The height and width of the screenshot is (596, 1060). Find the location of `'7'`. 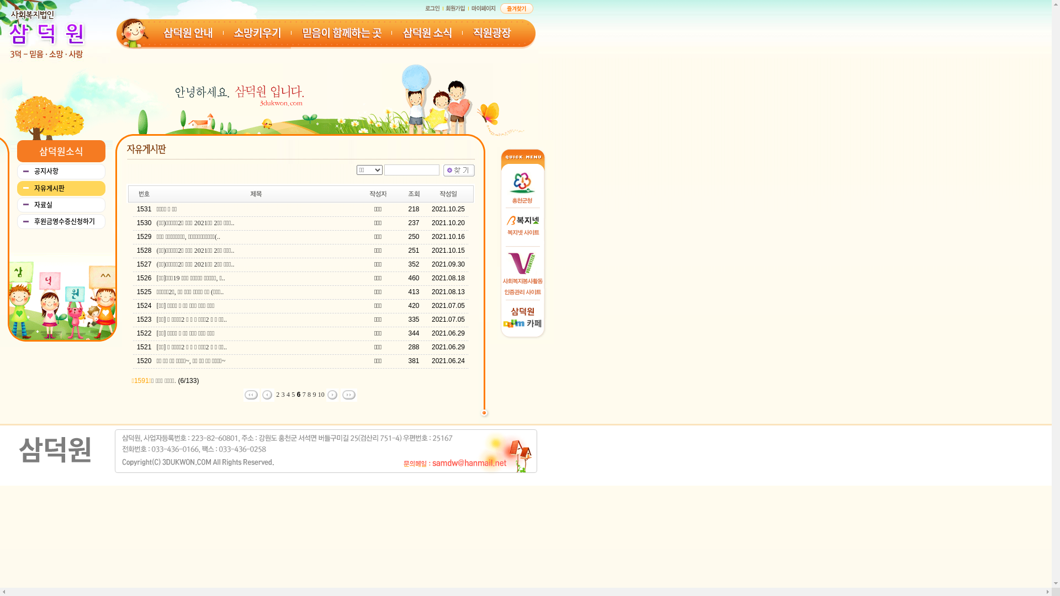

'7' is located at coordinates (302, 393).